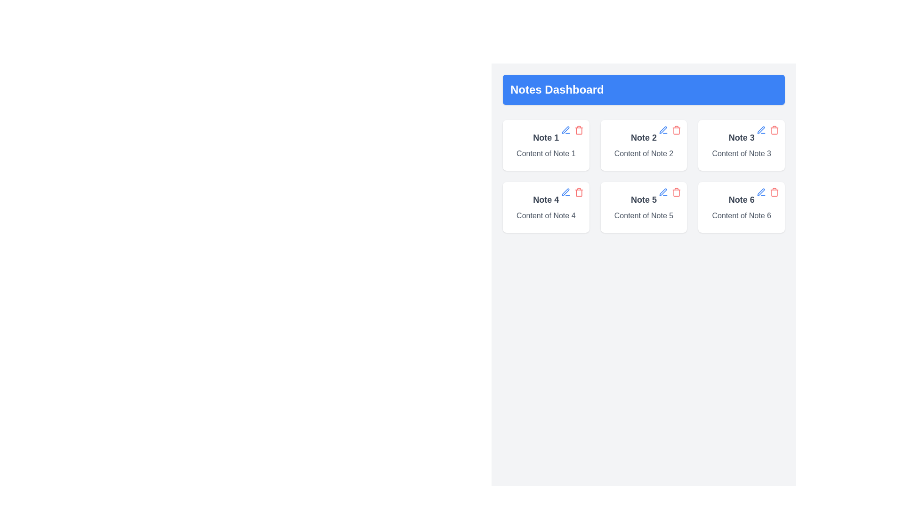 The width and height of the screenshot is (904, 508). Describe the element at coordinates (643, 199) in the screenshot. I see `the Text label of the third note card` at that location.